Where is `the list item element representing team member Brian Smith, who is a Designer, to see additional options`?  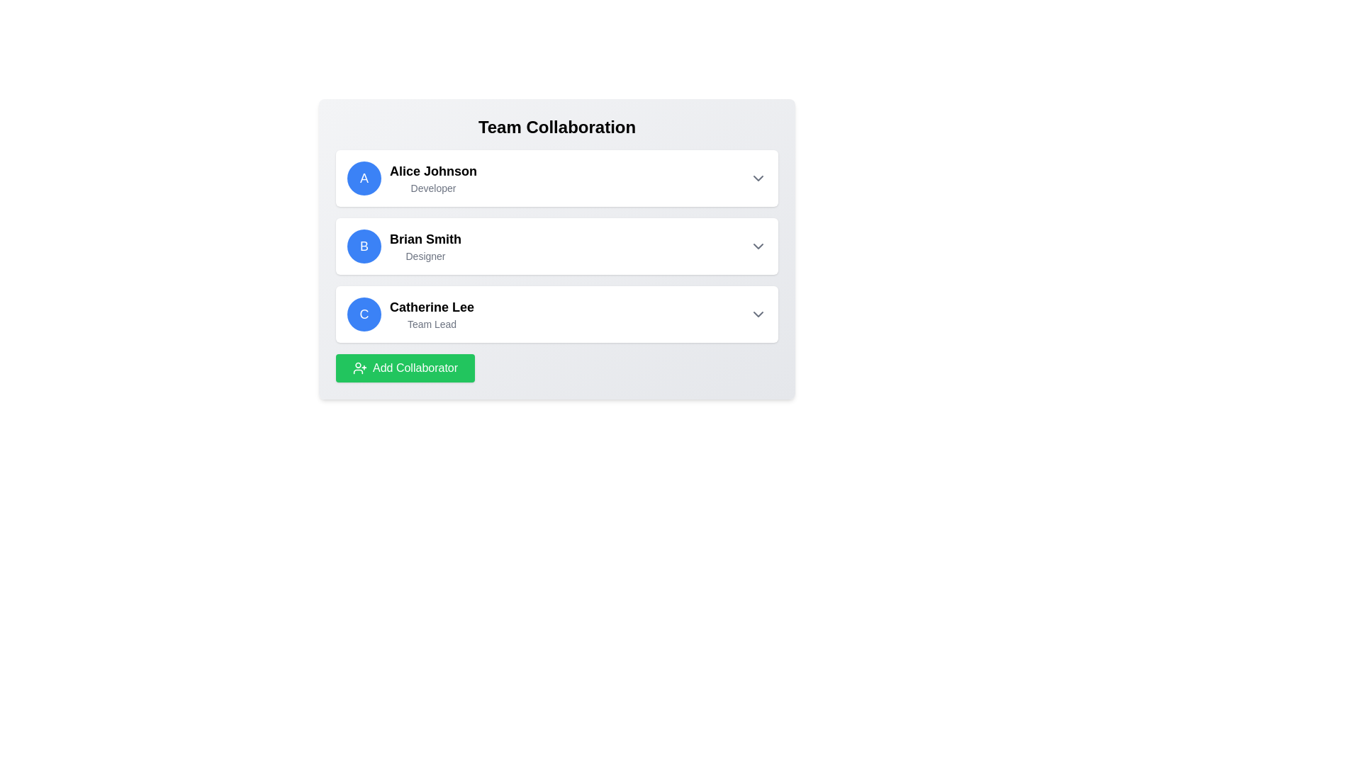 the list item element representing team member Brian Smith, who is a Designer, to see additional options is located at coordinates (556, 248).